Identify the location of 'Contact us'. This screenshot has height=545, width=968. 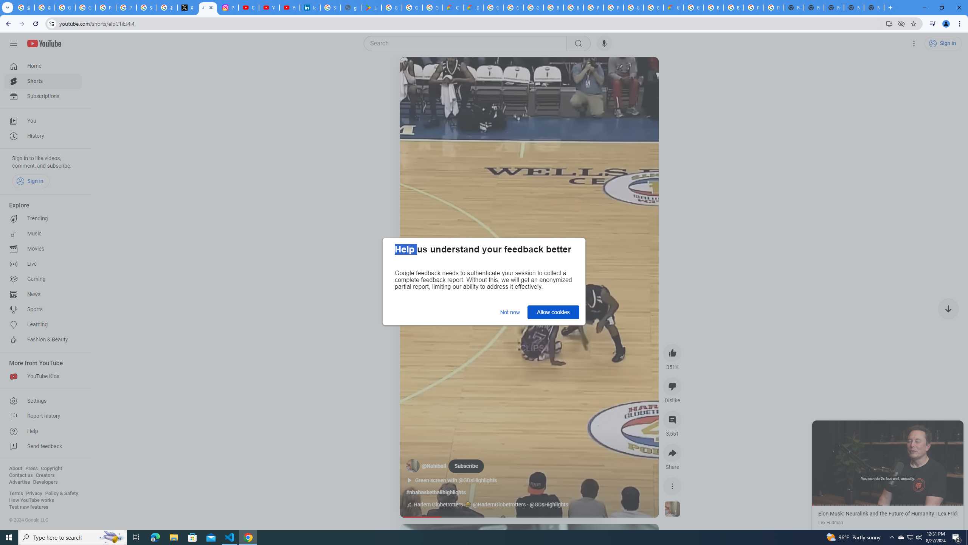
(20, 475).